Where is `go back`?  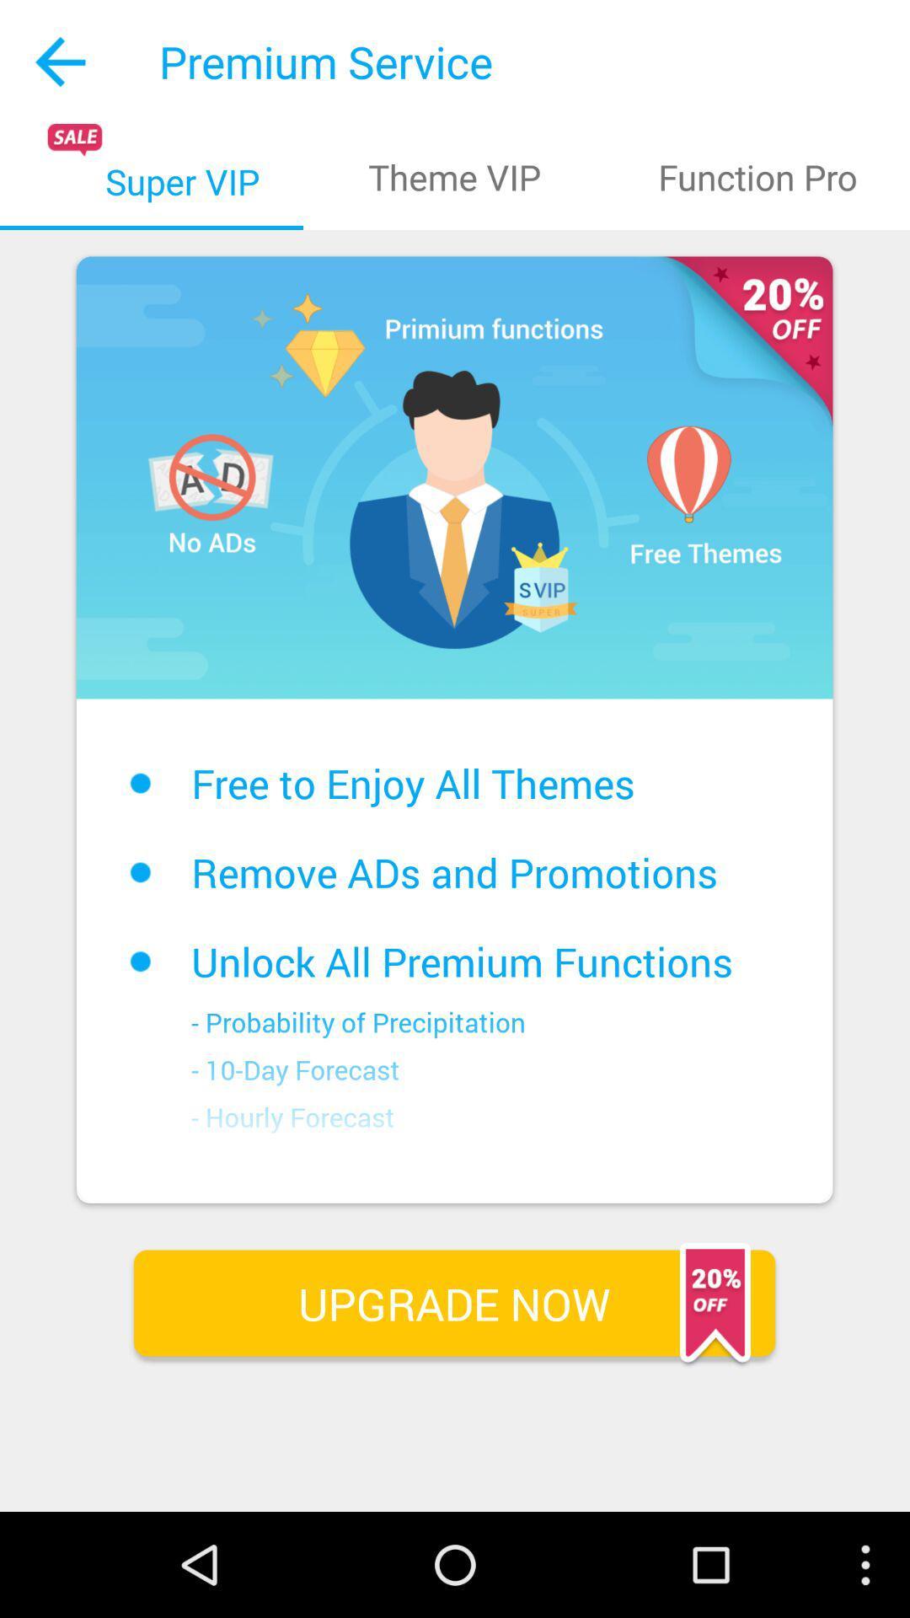 go back is located at coordinates (61, 62).